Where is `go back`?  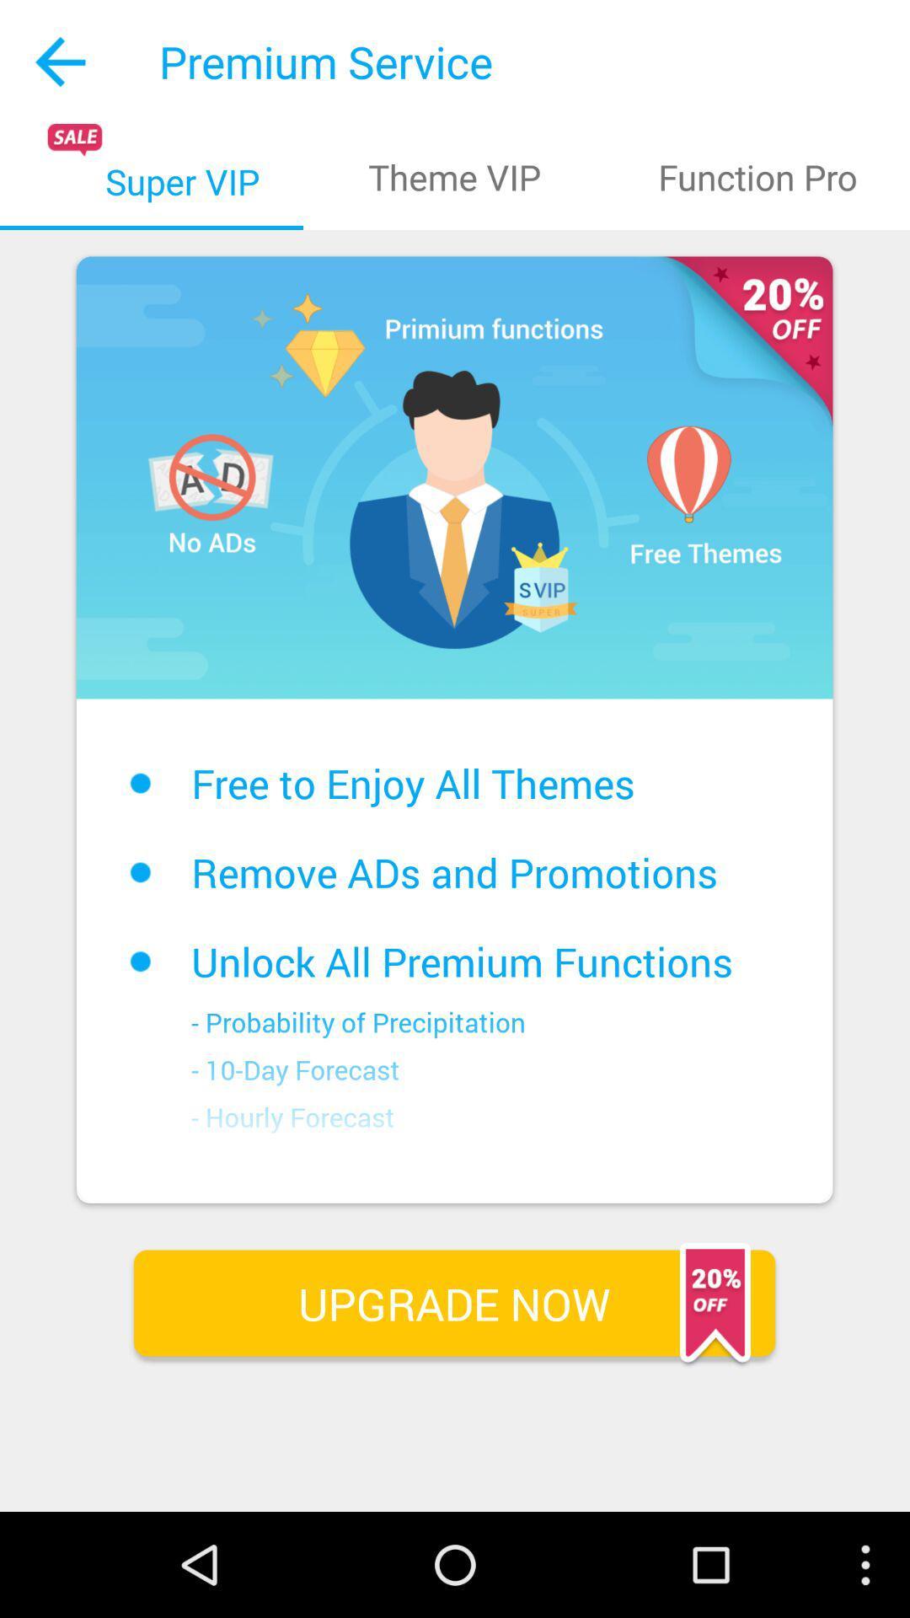 go back is located at coordinates (61, 62).